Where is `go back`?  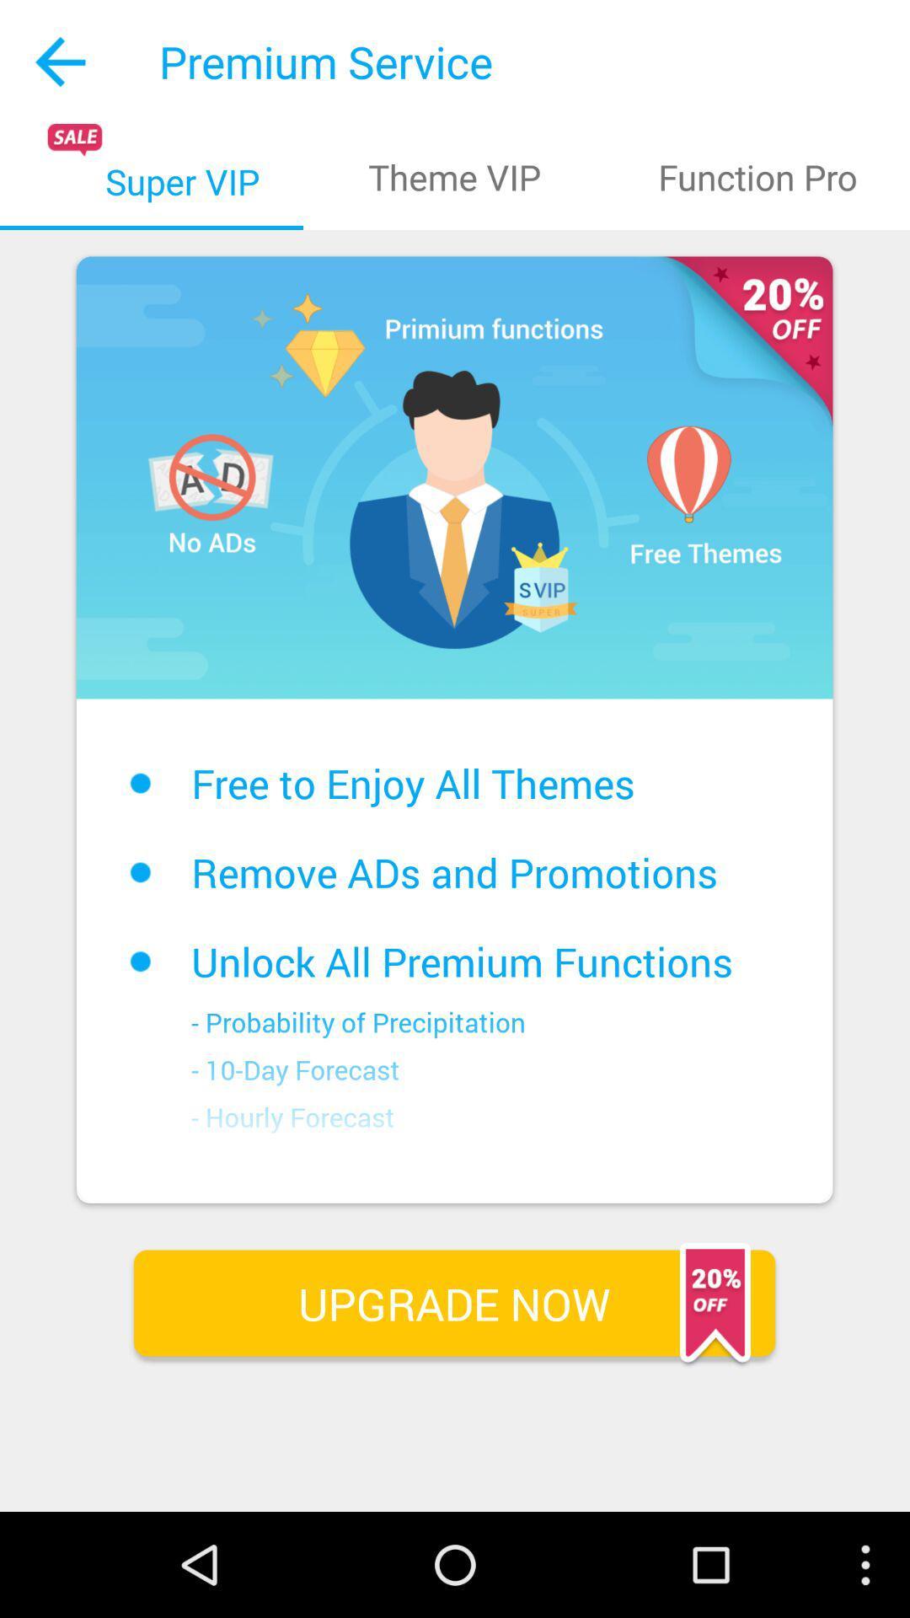 go back is located at coordinates (61, 62).